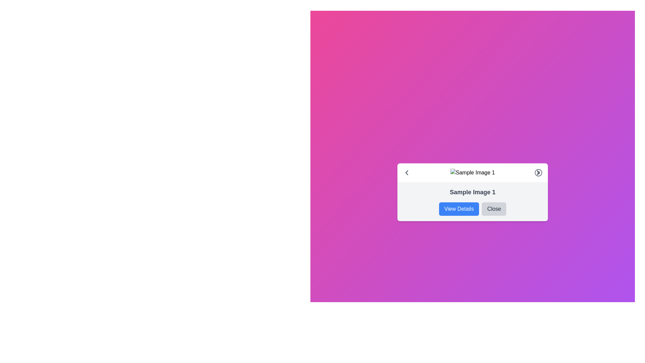 The image size is (645, 363). What do you see at coordinates (472, 192) in the screenshot?
I see `the image and text components of the card element that displays grouped content and interactive options, located in the center of the viewport` at bounding box center [472, 192].